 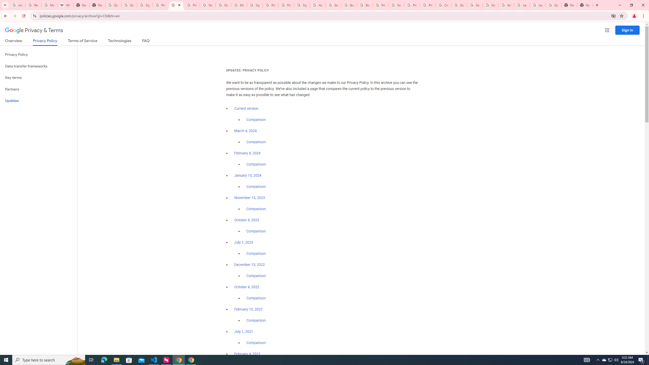 What do you see at coordinates (585, 5) in the screenshot?
I see `'New Tab'` at bounding box center [585, 5].